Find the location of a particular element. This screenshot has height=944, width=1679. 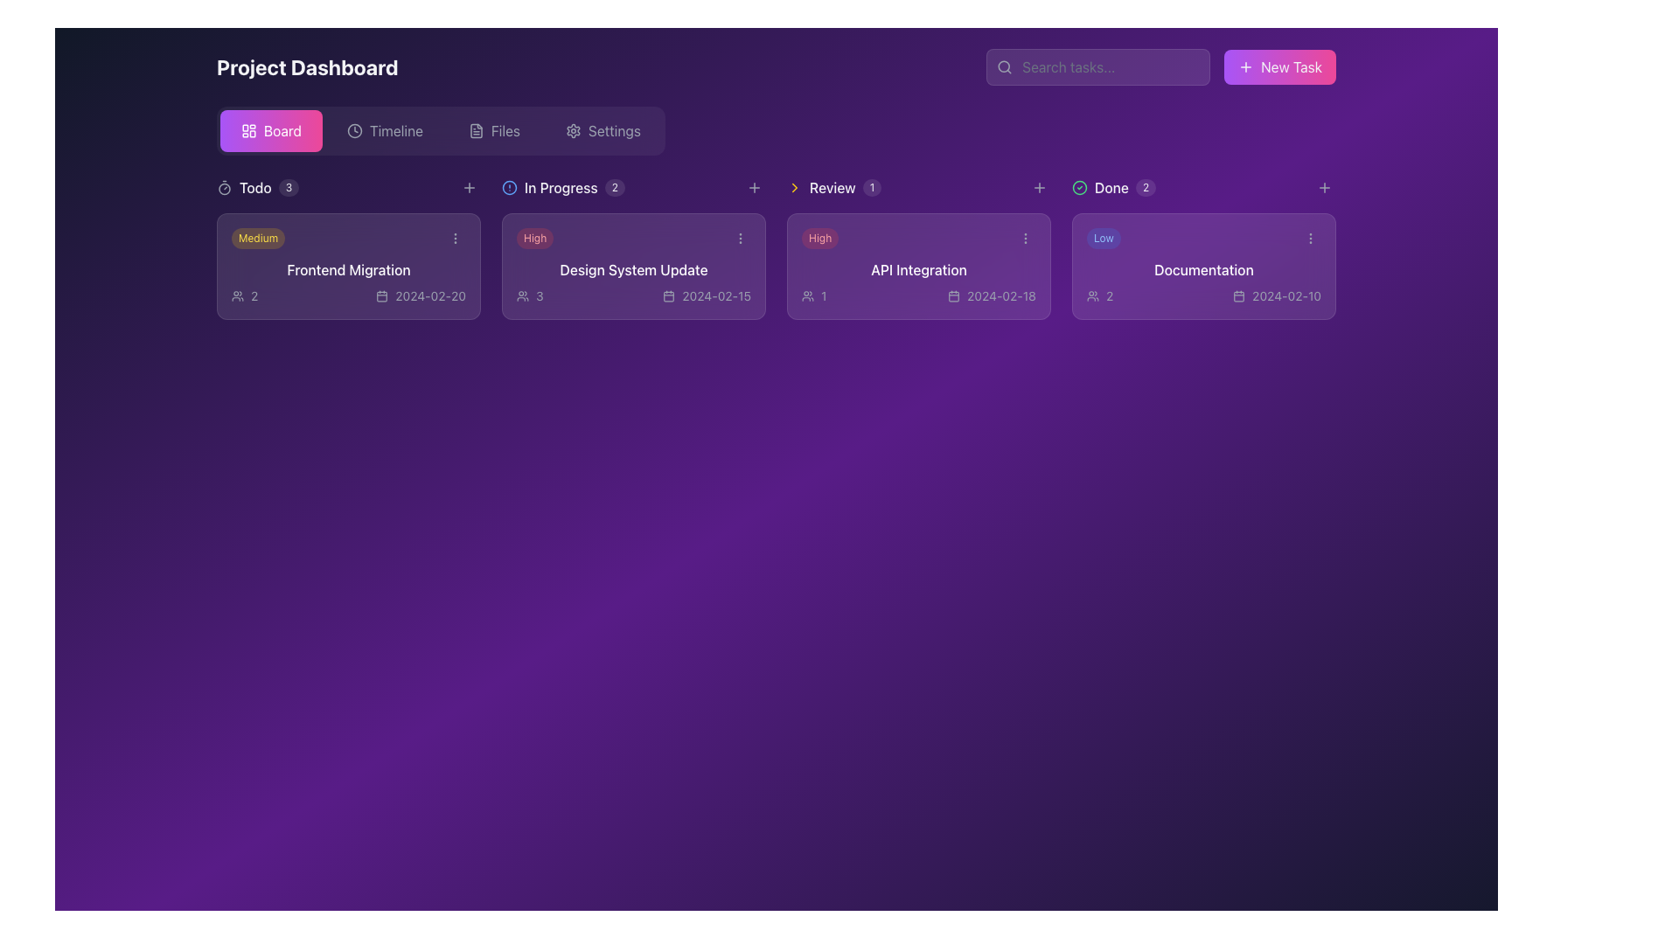

the numeric label indicating the number of users associated with the 'Frontend Migration' task card located in the 'To-do' section, positioned to the right of the people icon and above the date section is located at coordinates (254, 295).